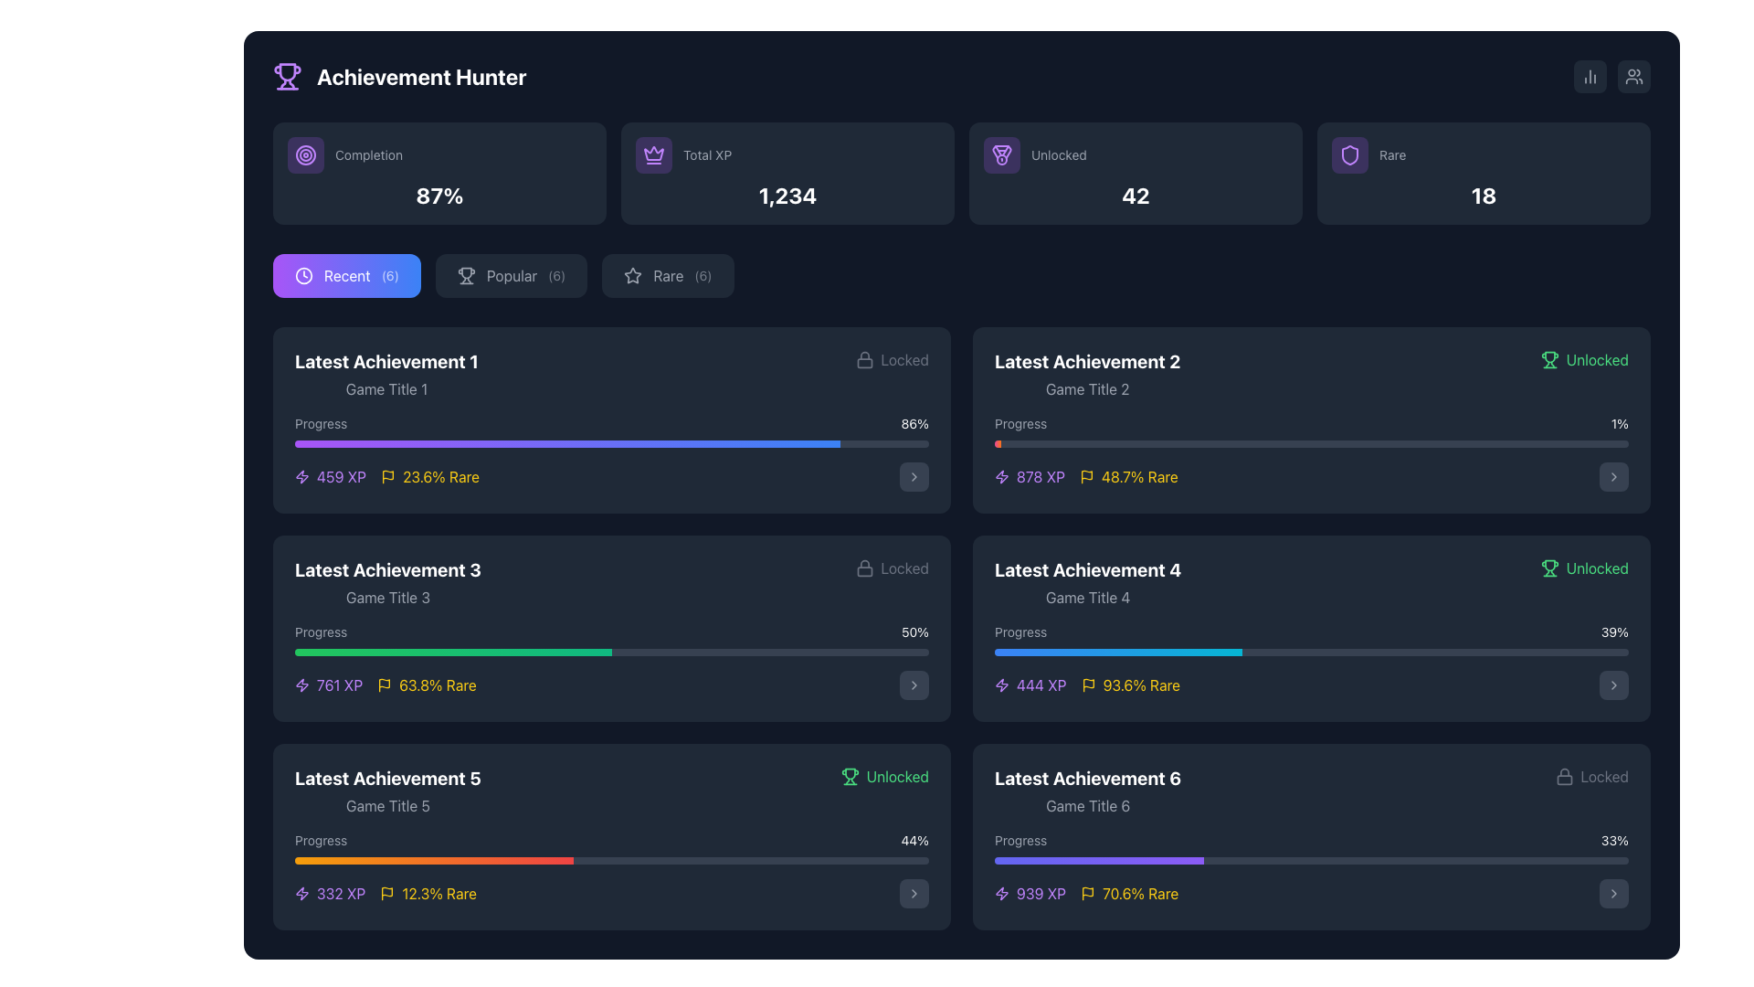  I want to click on the bold, white text label that reads 'Latest Achievement 3', which is centered in a dark blue background and serves as a title for the segment, so click(386, 569).